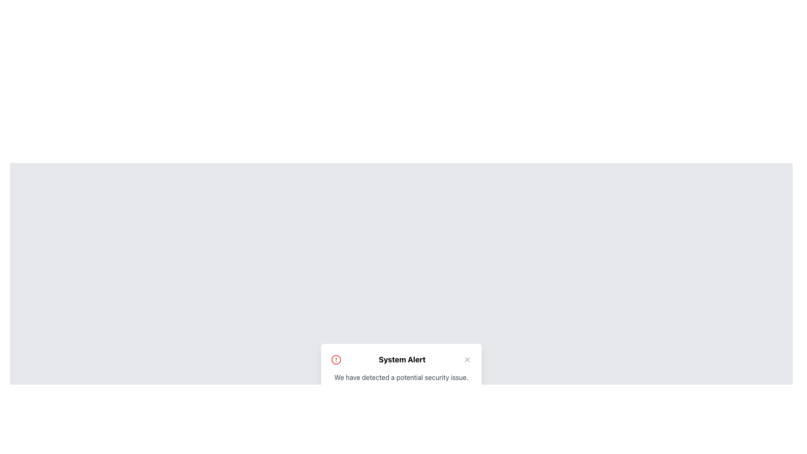 Image resolution: width=807 pixels, height=454 pixels. Describe the element at coordinates (467, 359) in the screenshot. I see `the close button represented as an 'X' in the alert banner` at that location.